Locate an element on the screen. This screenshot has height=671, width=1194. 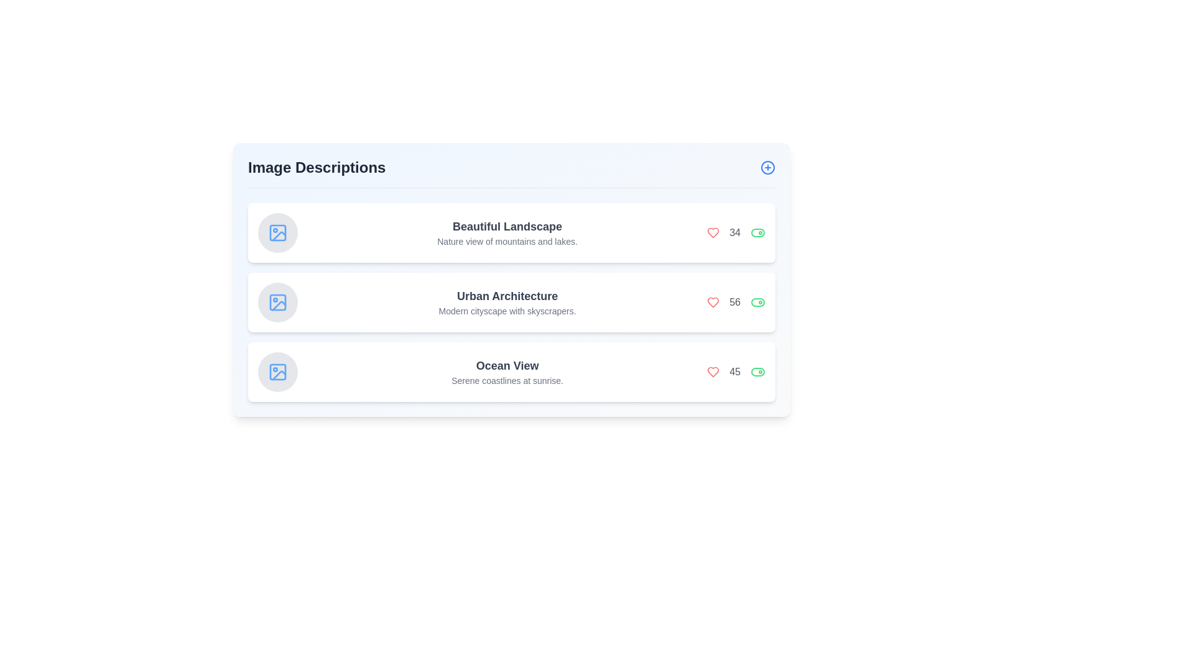
the item Beautiful Landscape in the list to highlight it is located at coordinates (511, 232).